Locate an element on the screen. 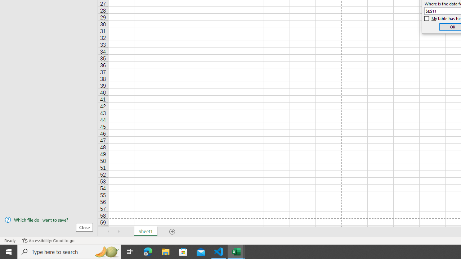 The width and height of the screenshot is (461, 259). 'Which file do I want to save?' is located at coordinates (49, 219).